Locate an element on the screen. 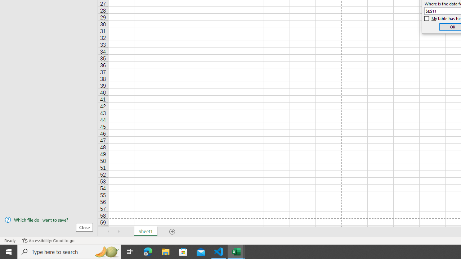 The width and height of the screenshot is (461, 259). 'Which file do I want to save?' is located at coordinates (49, 219).